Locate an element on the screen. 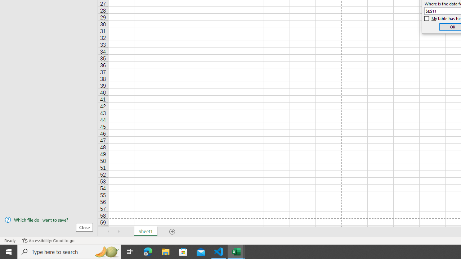 The width and height of the screenshot is (461, 259). 'Which file do I want to save?' is located at coordinates (49, 219).